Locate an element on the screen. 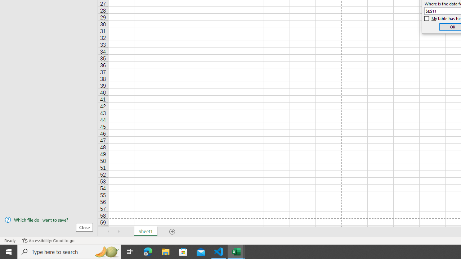 The width and height of the screenshot is (461, 259). 'Which file do I want to save?' is located at coordinates (49, 219).